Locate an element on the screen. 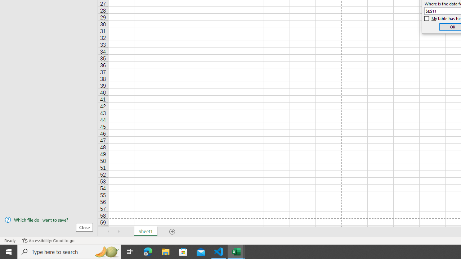 The width and height of the screenshot is (461, 259). 'Which file do I want to save?' is located at coordinates (49, 219).